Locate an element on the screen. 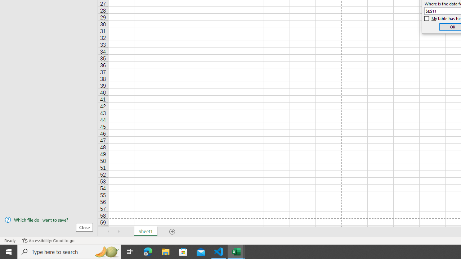 The width and height of the screenshot is (461, 259). 'Which file do I want to save?' is located at coordinates (49, 219).